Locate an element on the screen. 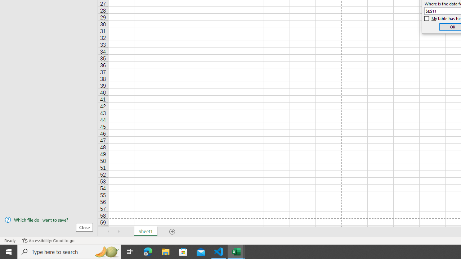 The width and height of the screenshot is (461, 259). 'Which file do I want to save?' is located at coordinates (49, 219).